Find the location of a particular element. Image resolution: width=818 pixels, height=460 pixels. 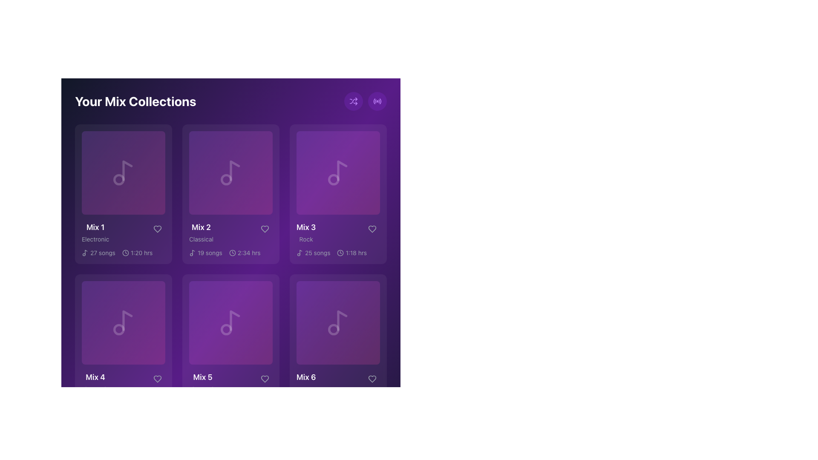

the square-shaped UI element with a gradient background from purple to pink, which contains a centralized translucent white music note icon, located in the second row and last column of the grid under 'Your Mix Collections' associated with 'Mix 6' is located at coordinates (337, 323).